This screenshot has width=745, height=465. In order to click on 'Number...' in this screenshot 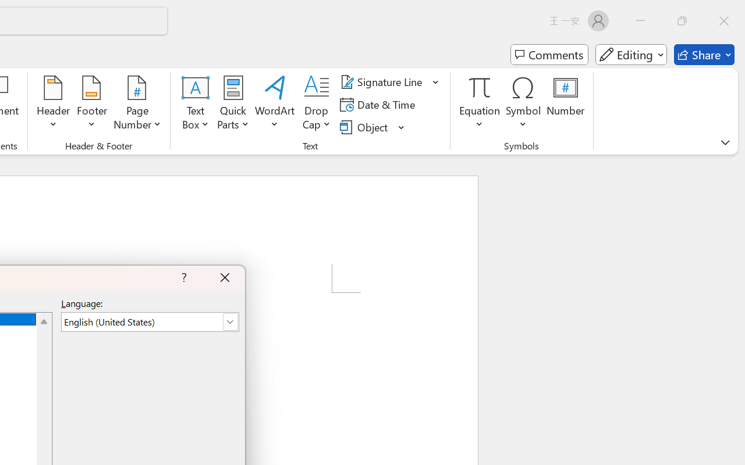, I will do `click(566, 104)`.